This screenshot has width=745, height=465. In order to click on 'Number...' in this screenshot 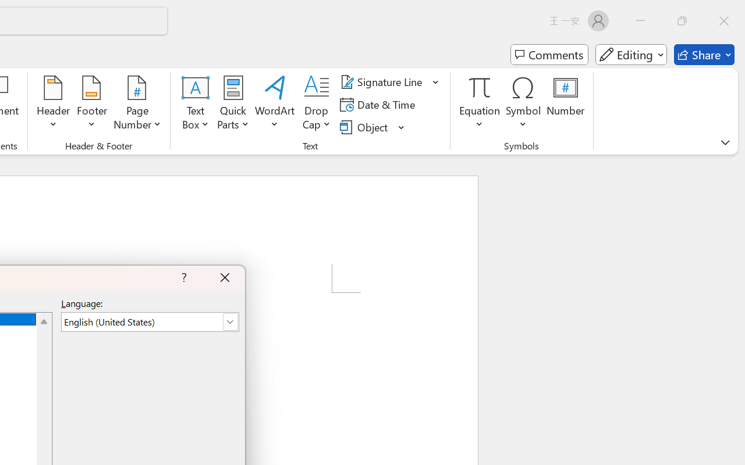, I will do `click(566, 104)`.